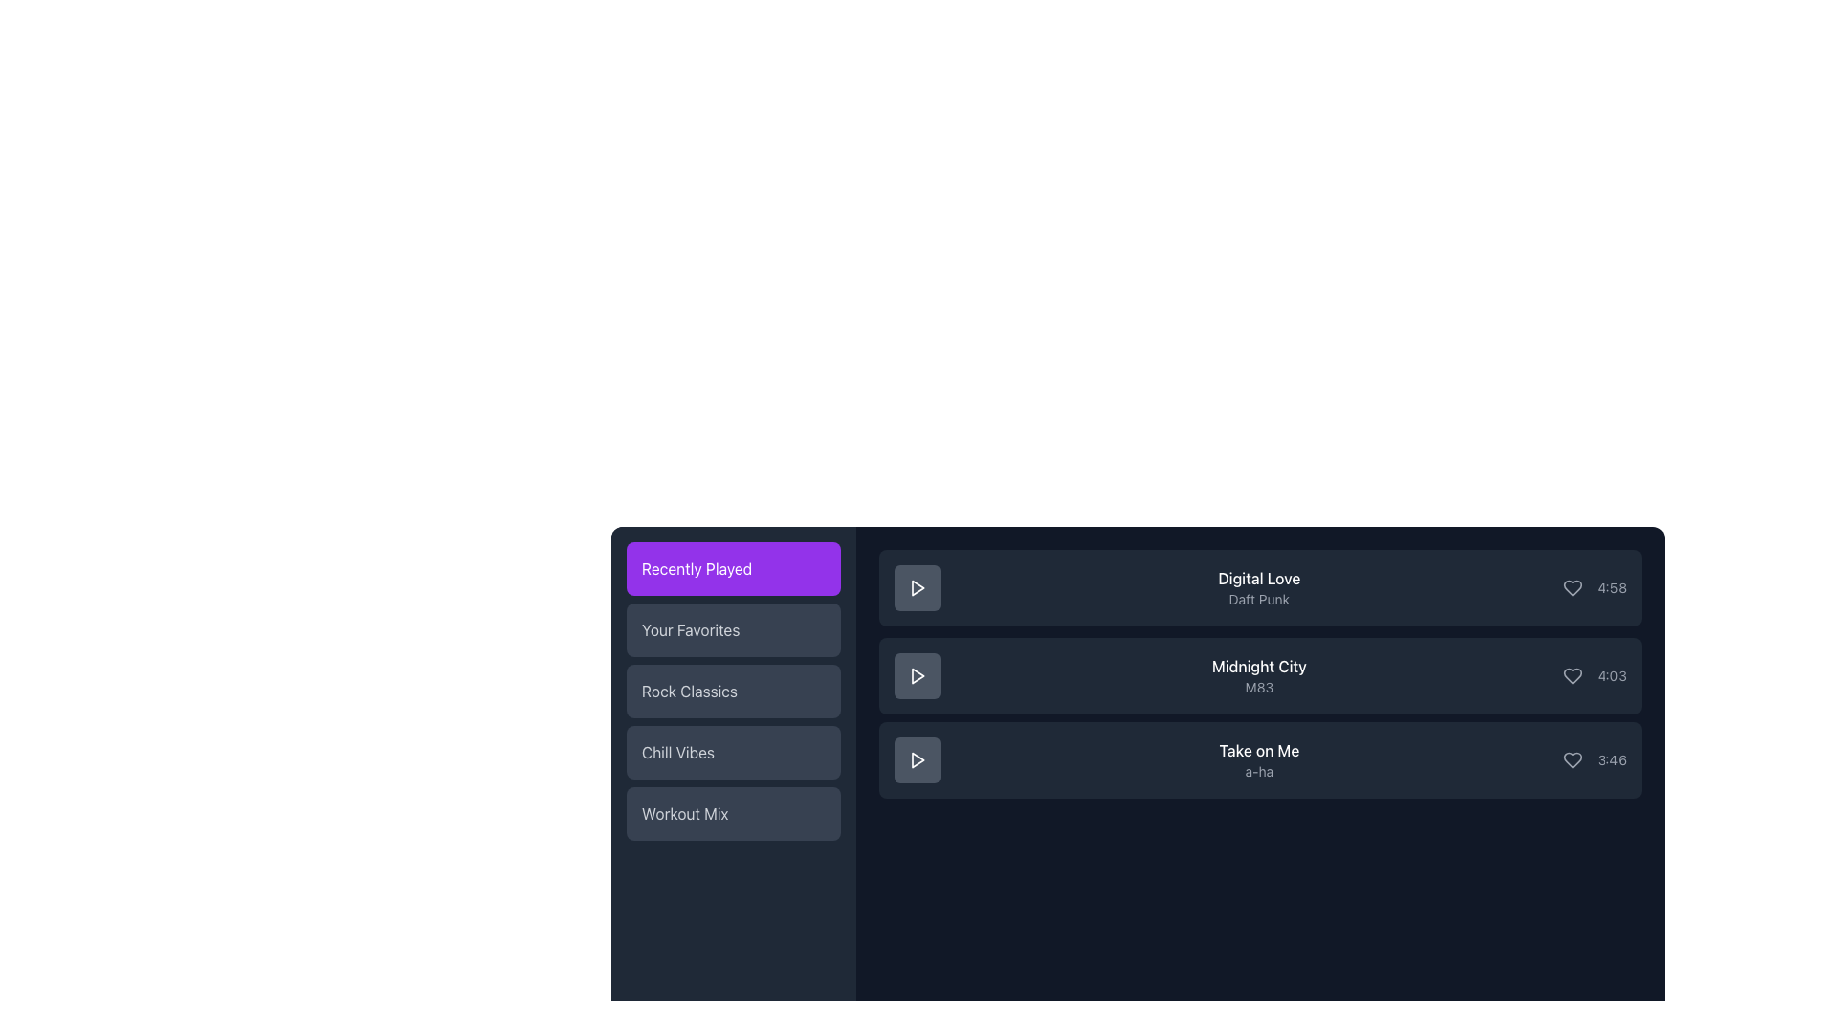 The width and height of the screenshot is (1837, 1033). Describe the element at coordinates (917, 674) in the screenshot. I see `the triangular play button icon within the circular button to play the selected track, which is located in the second item of the track list` at that location.